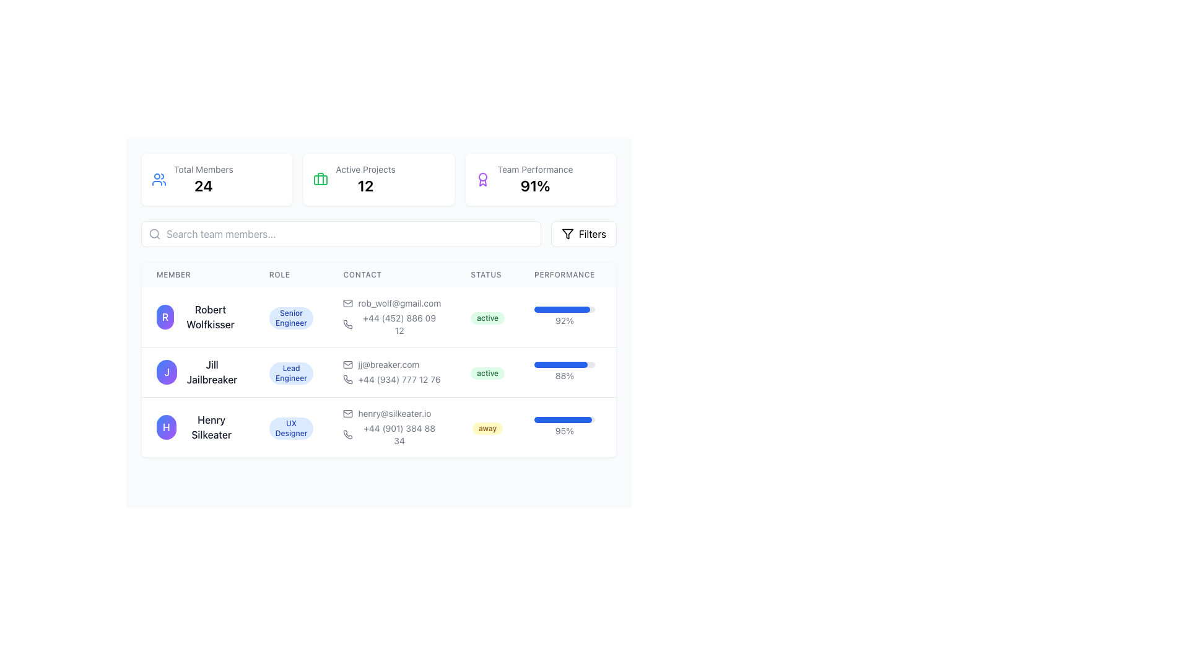 The height and width of the screenshot is (669, 1189). I want to click on the second row of the List Item in the team member information panel, so click(408, 372).